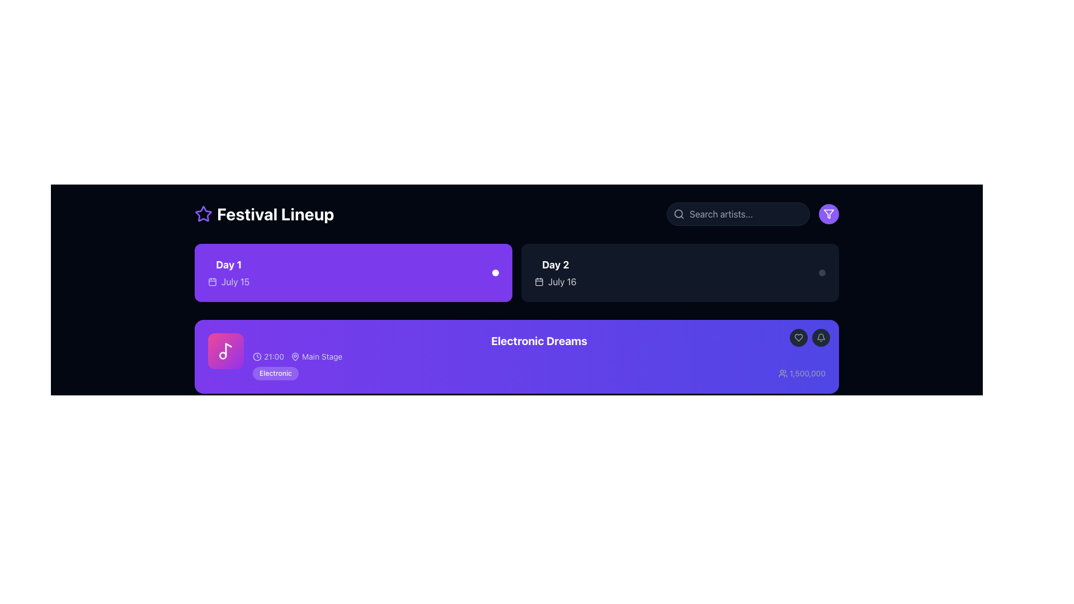 This screenshot has height=604, width=1074. What do you see at coordinates (798, 337) in the screenshot?
I see `the circular button with a dark background and a light gray heart icon at its center, located at the top-right corner of the card labeled 'Electronic Dreams'` at bounding box center [798, 337].